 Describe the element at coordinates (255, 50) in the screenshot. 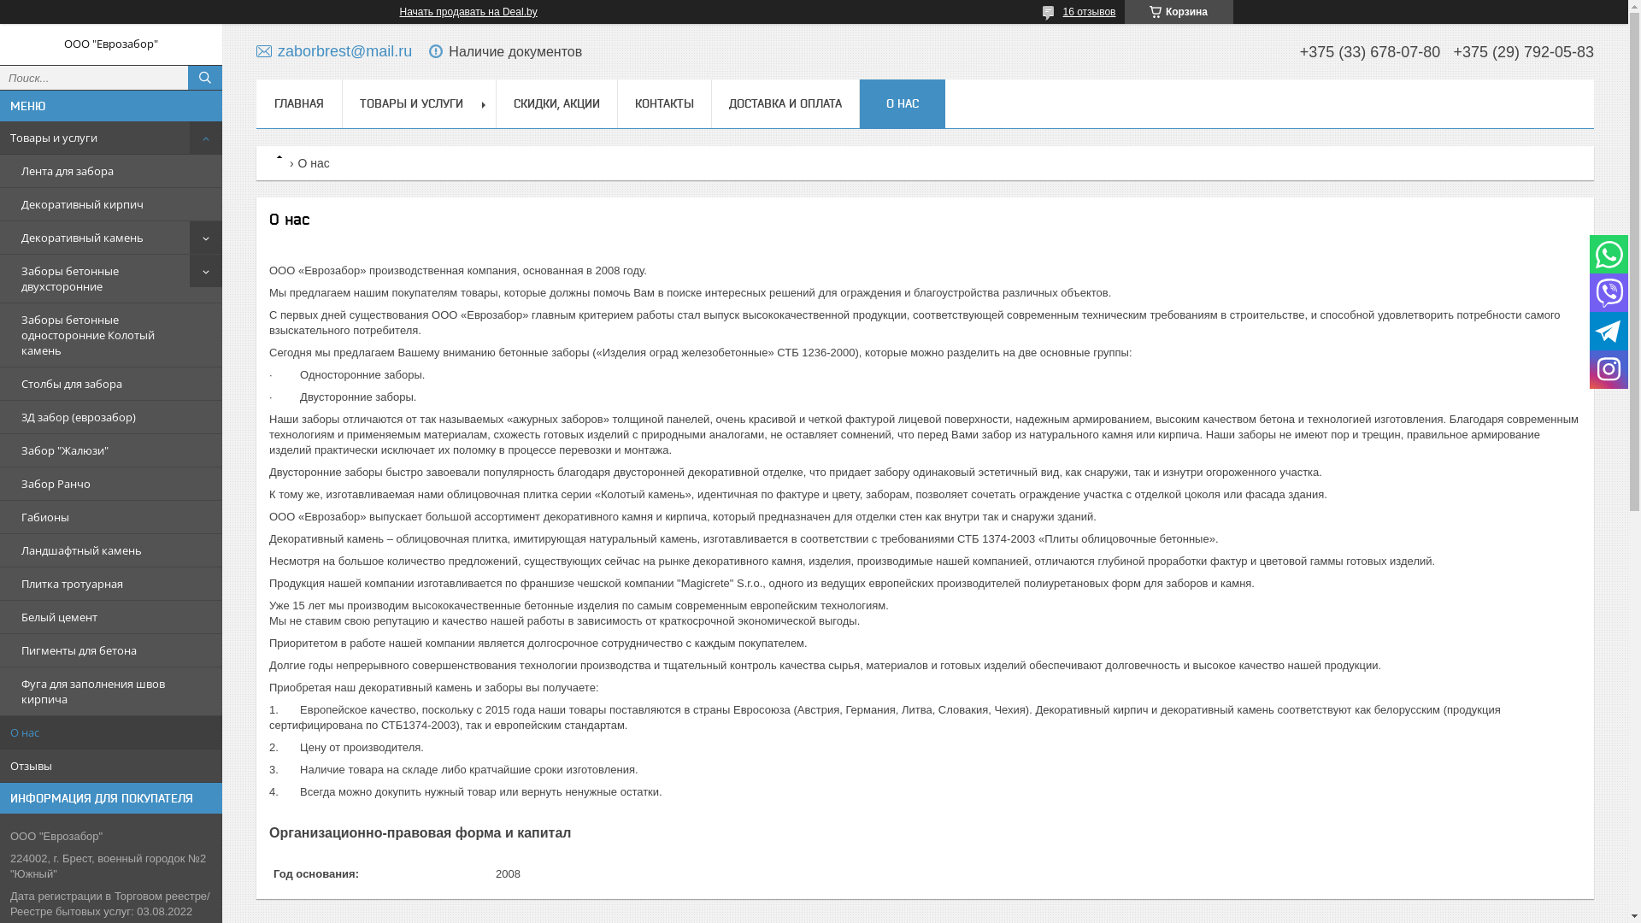

I see `'zaborbrest@mail.ru'` at that location.